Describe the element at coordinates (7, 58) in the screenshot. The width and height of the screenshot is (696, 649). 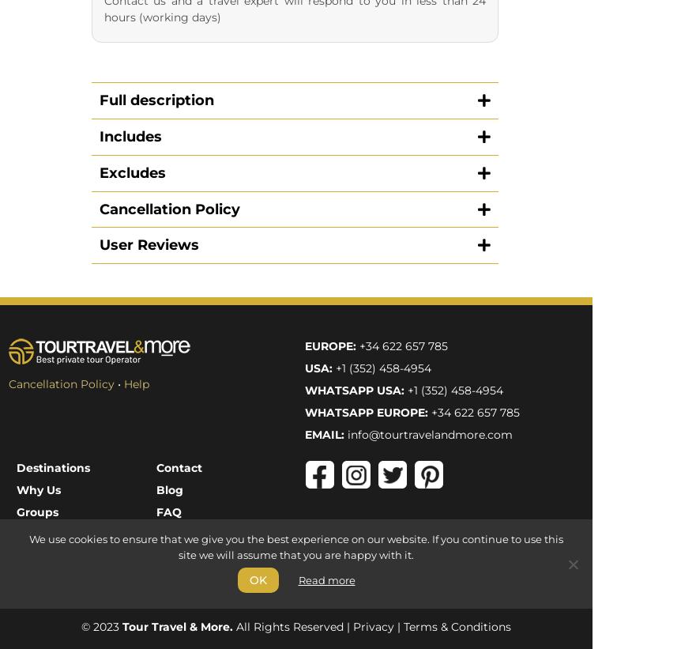
I see `'Cancellation Policy'` at that location.